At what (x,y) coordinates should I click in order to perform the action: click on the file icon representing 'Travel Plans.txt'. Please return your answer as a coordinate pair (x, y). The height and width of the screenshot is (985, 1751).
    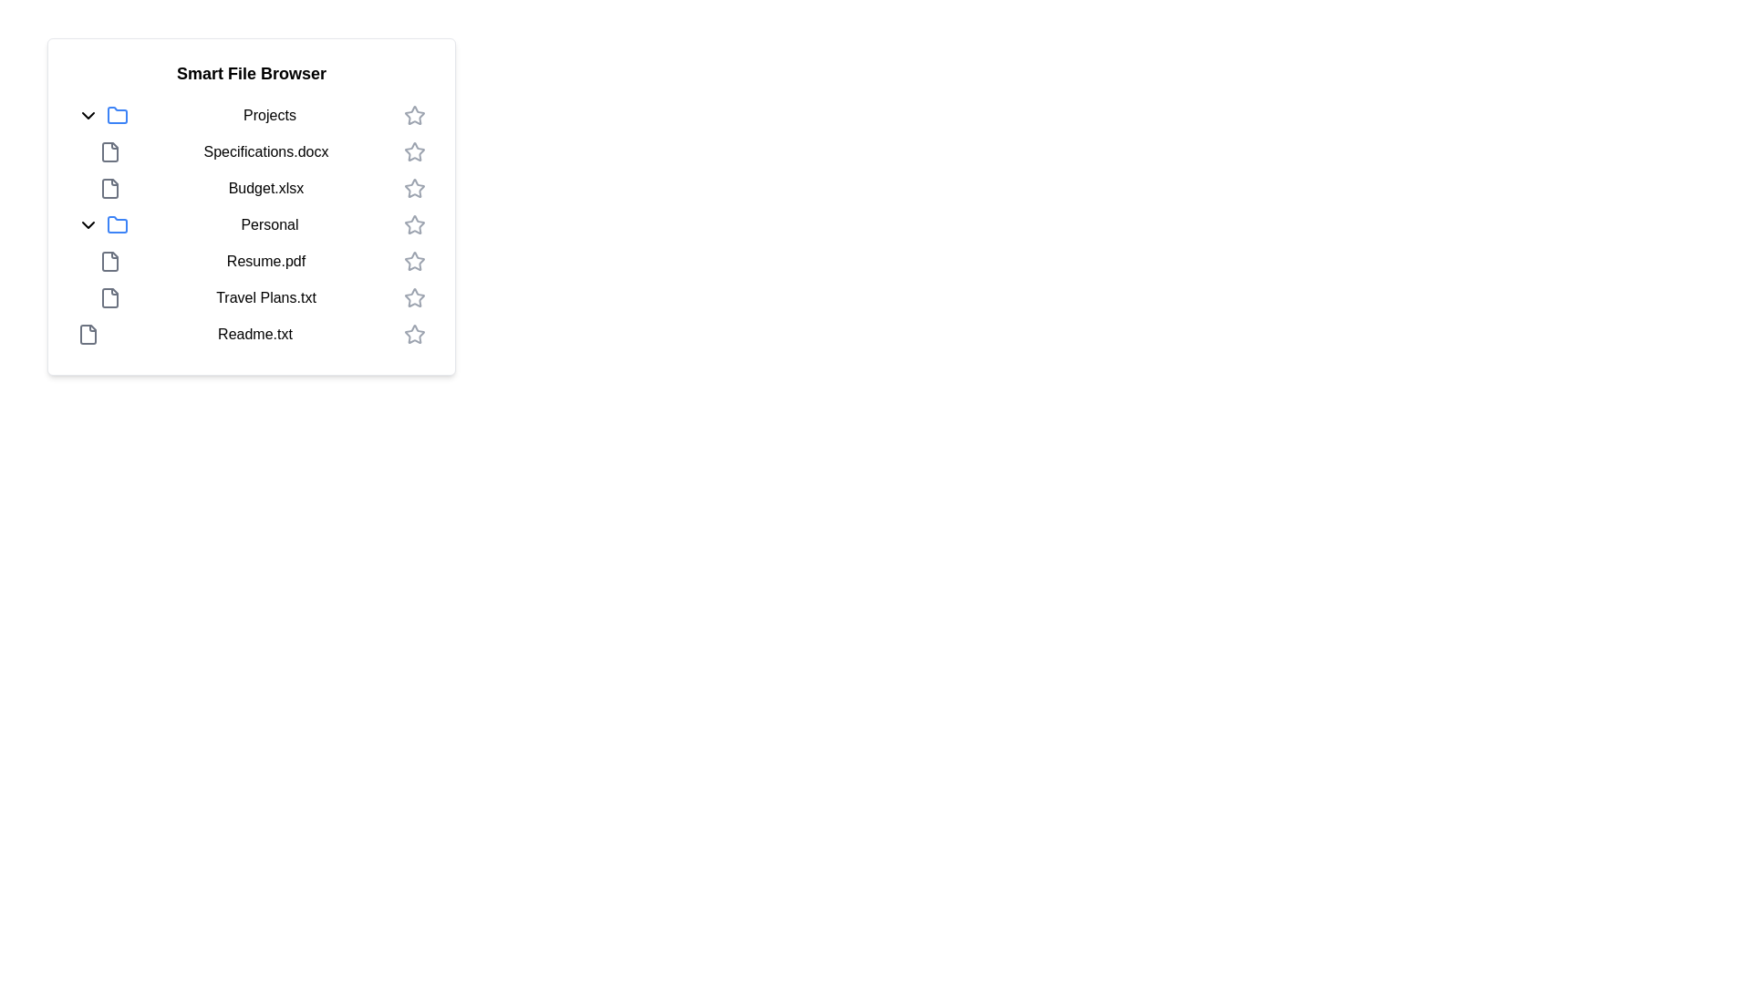
    Looking at the image, I should click on (109, 297).